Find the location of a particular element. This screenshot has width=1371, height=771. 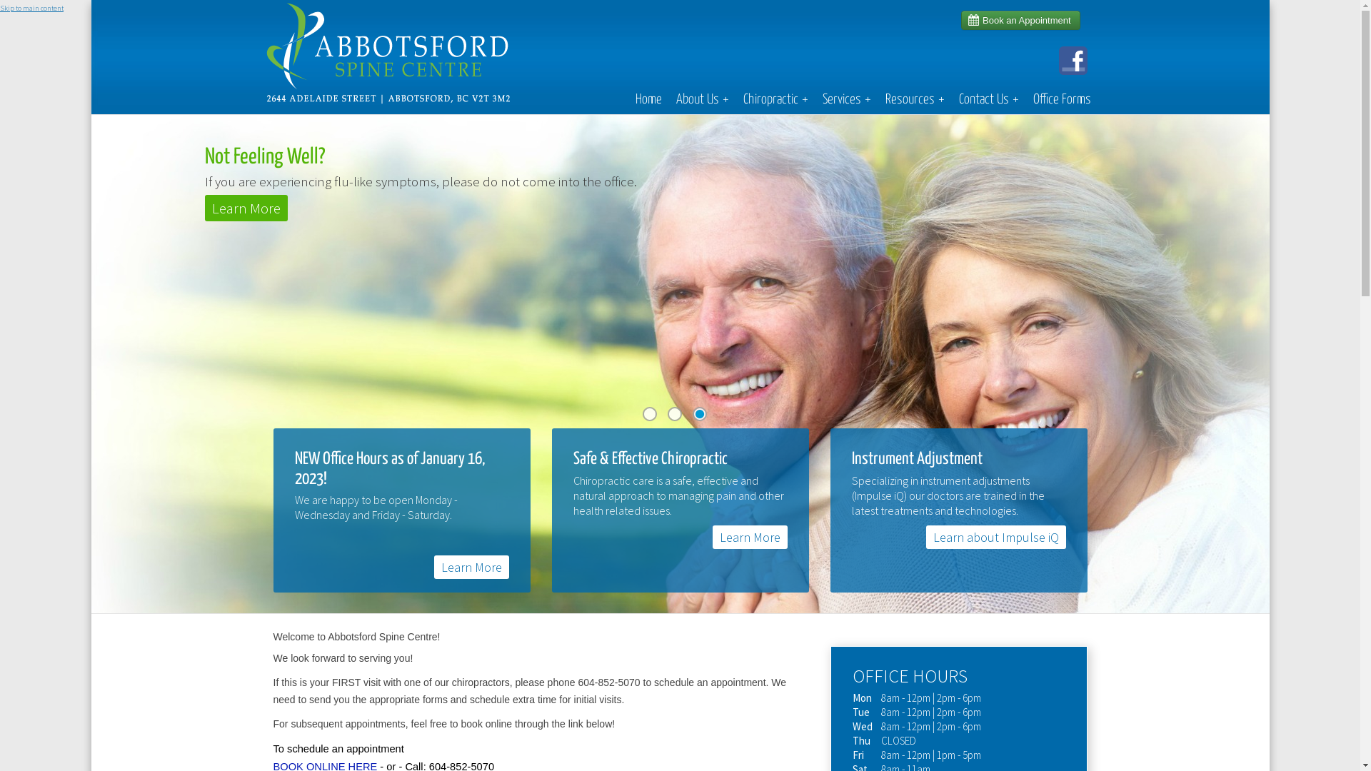

'Learn More' is located at coordinates (471, 566).